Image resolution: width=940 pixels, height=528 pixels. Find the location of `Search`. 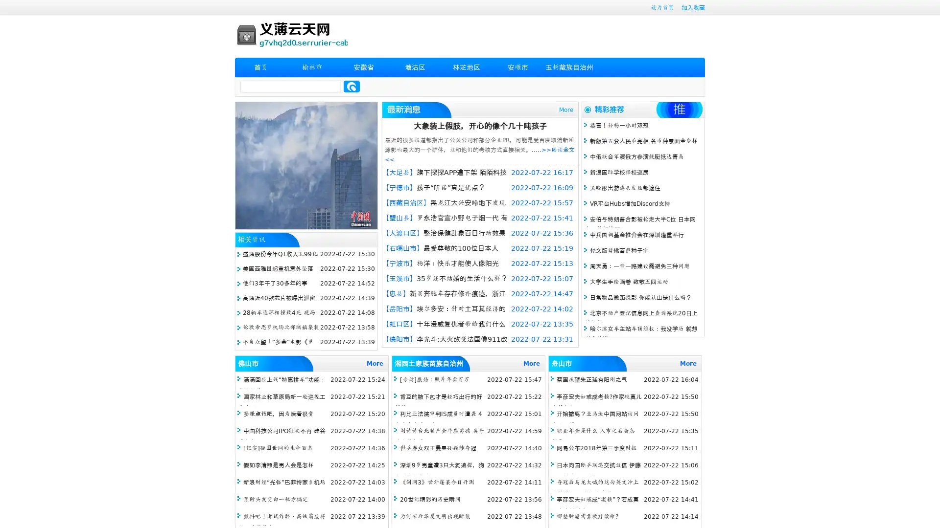

Search is located at coordinates (352, 86).